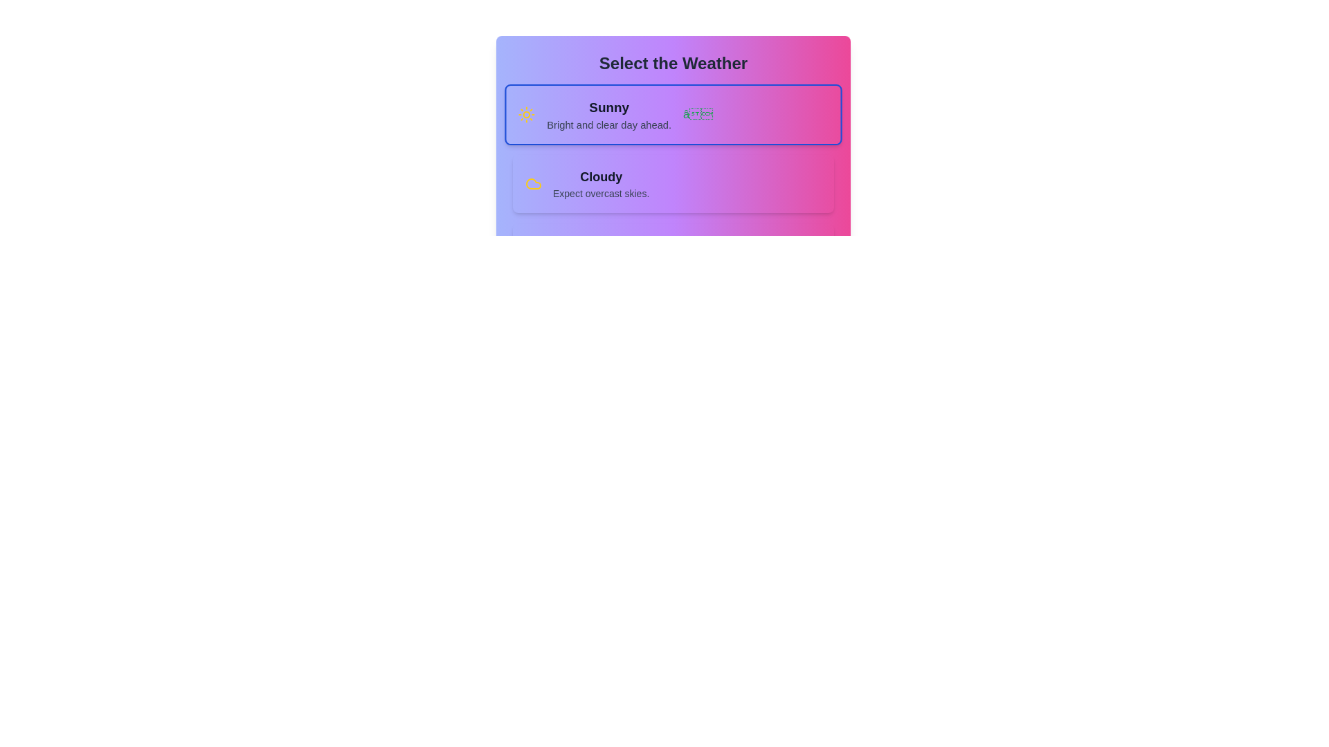 Image resolution: width=1329 pixels, height=747 pixels. Describe the element at coordinates (673, 183) in the screenshot. I see `the second selectable list item for weather preference labeled 'Cloudy'` at that location.